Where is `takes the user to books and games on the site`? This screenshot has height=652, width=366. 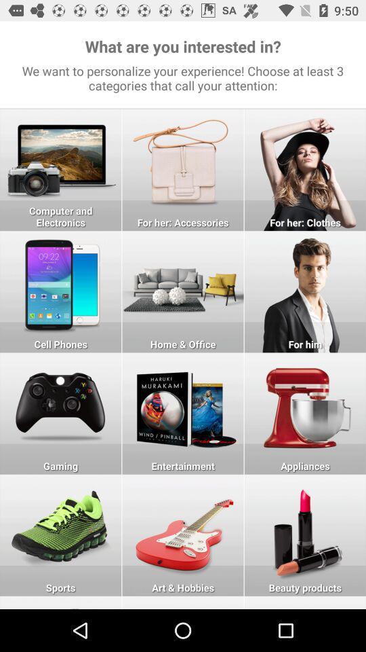 takes the user to books and games on the site is located at coordinates (183, 413).